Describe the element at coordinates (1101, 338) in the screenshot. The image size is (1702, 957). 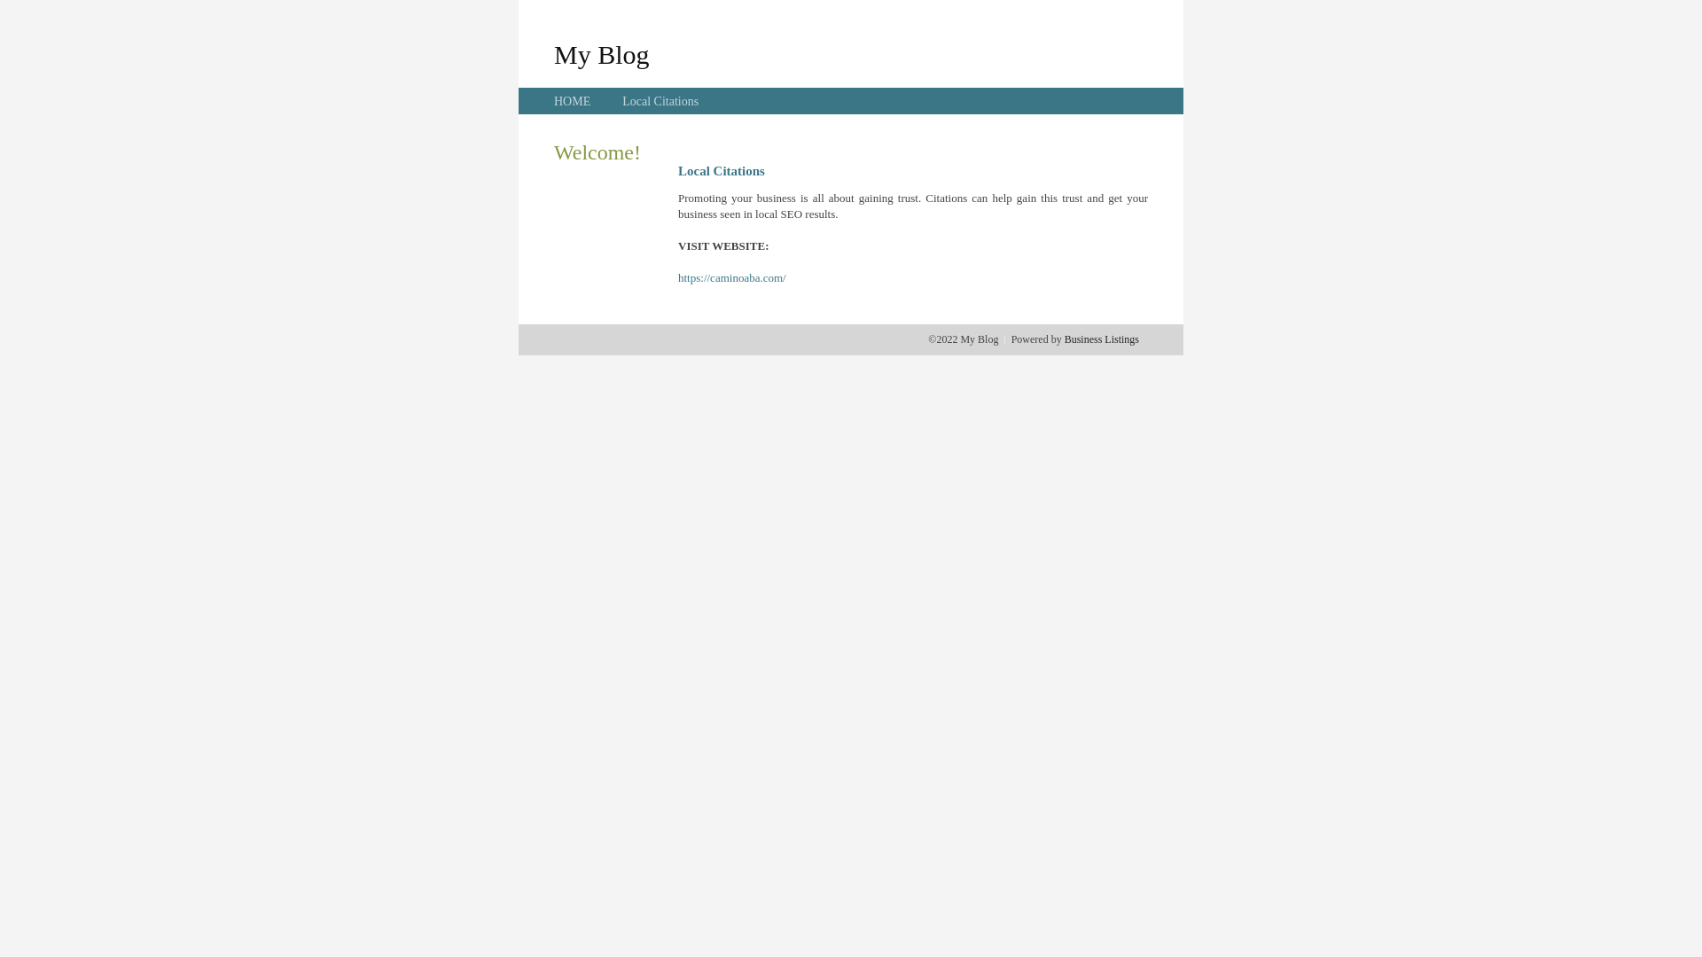
I see `'Business Listings'` at that location.